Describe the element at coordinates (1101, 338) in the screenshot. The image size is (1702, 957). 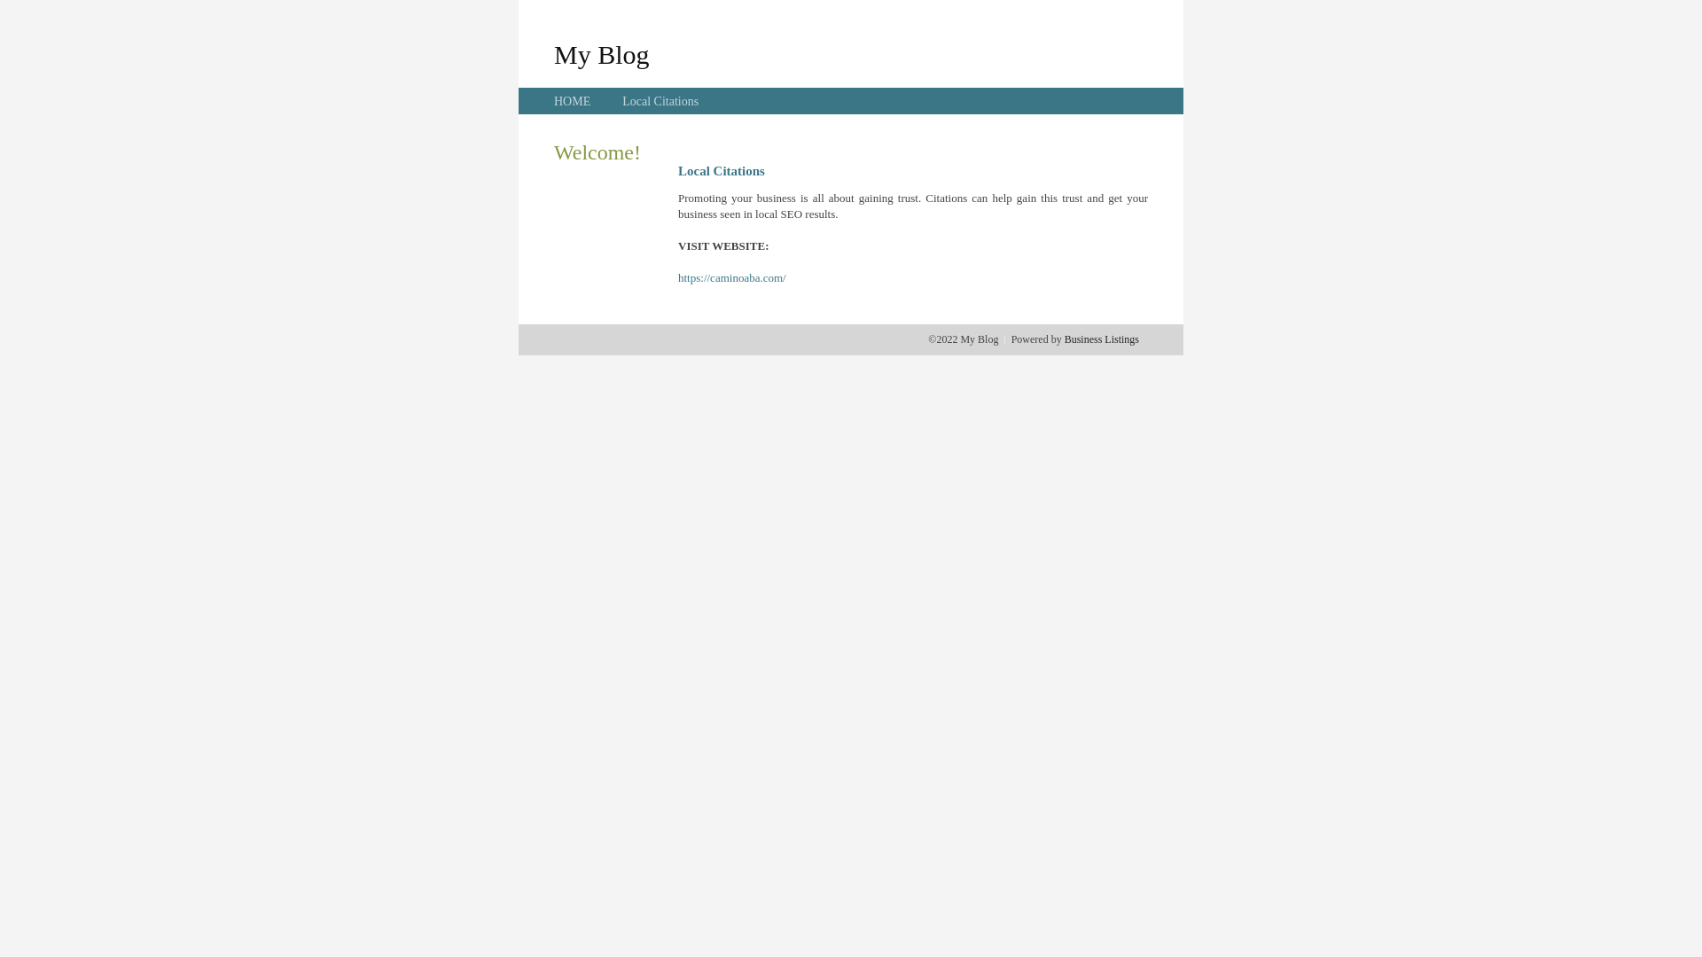
I see `'Business Listings'` at that location.